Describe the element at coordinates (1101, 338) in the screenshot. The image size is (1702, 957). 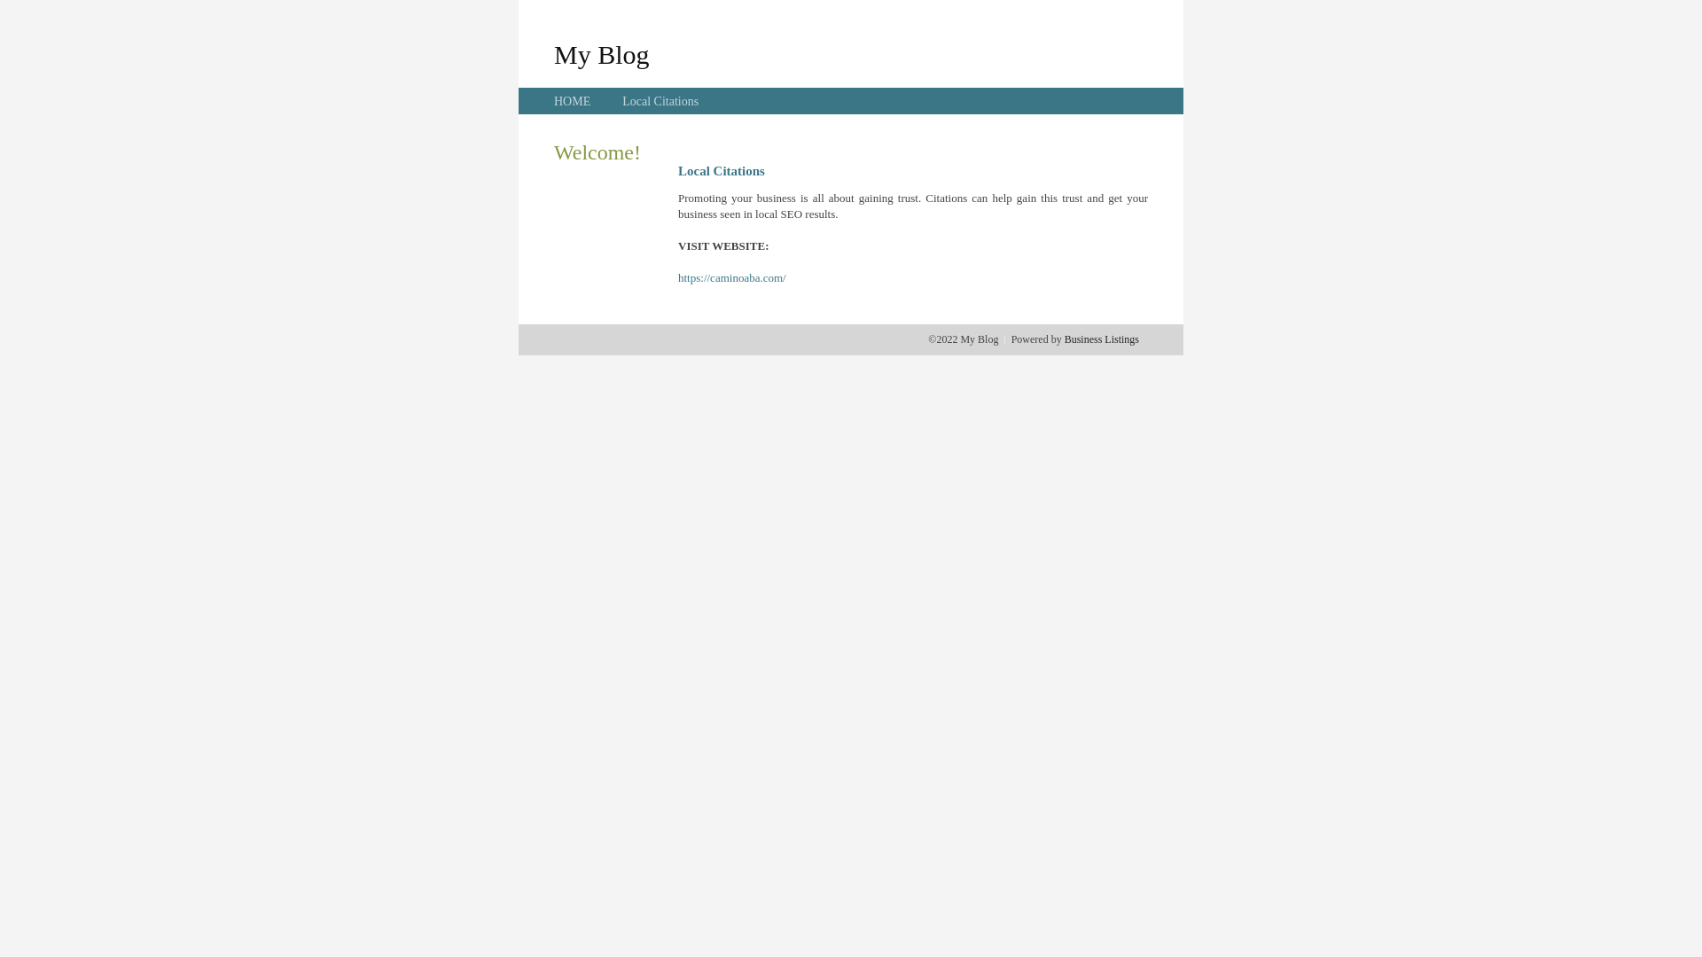
I see `'Business Listings'` at that location.